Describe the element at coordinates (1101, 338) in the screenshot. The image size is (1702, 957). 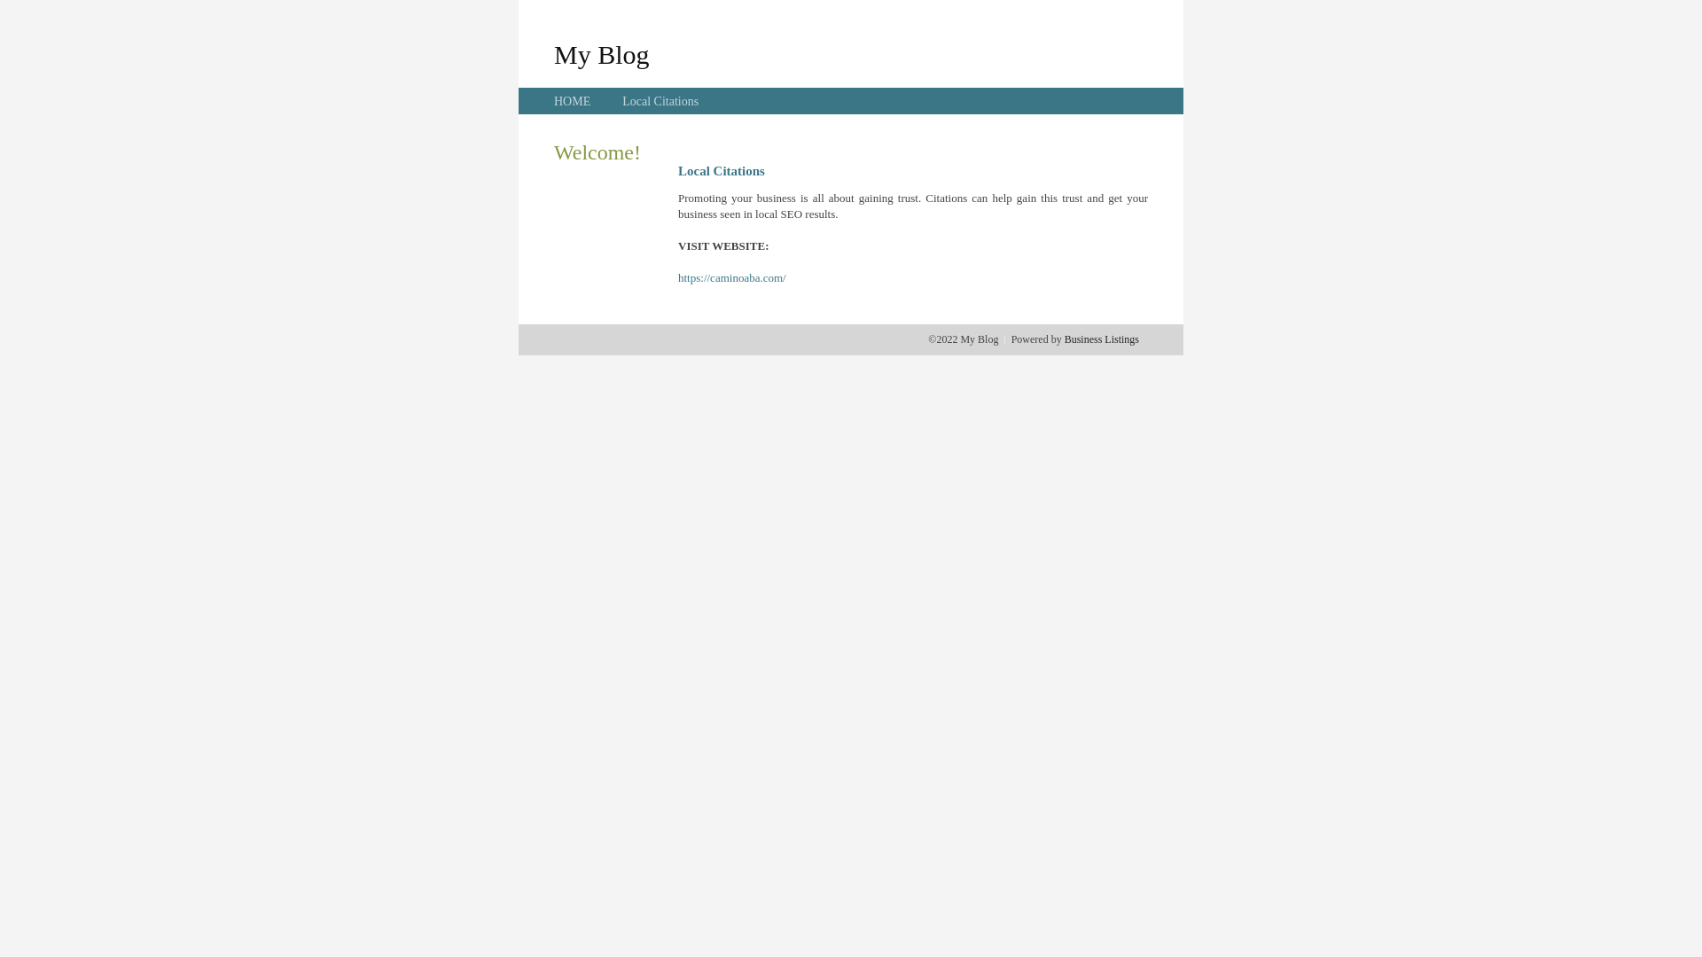
I see `'Business Listings'` at that location.